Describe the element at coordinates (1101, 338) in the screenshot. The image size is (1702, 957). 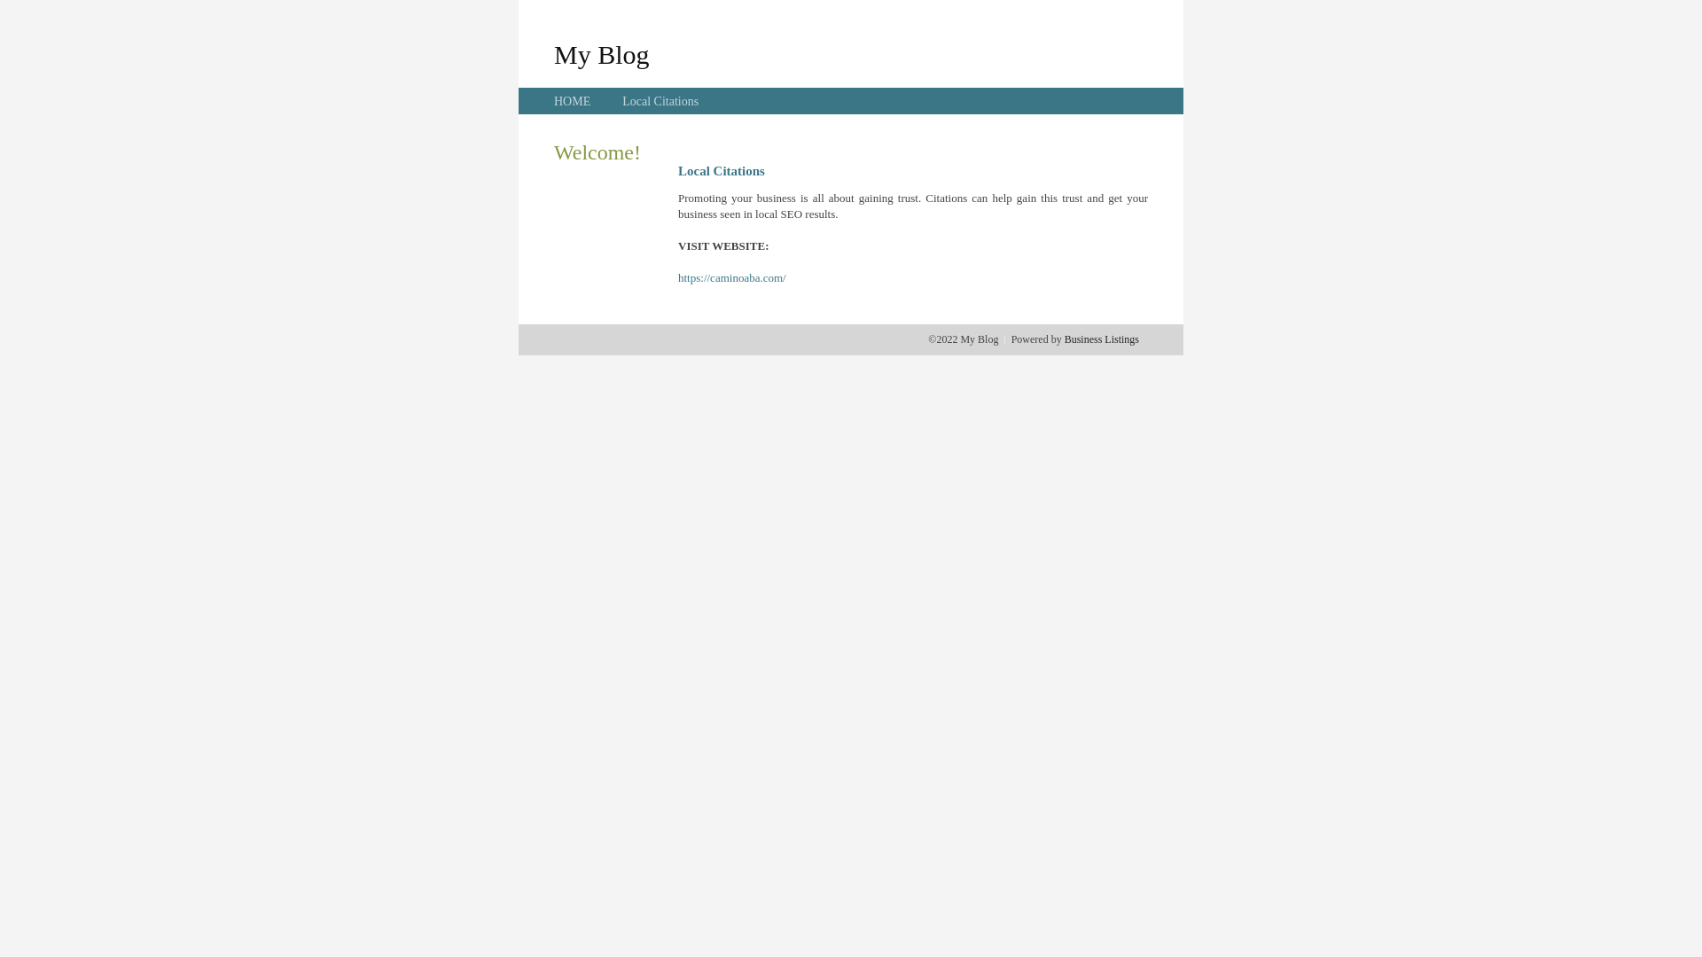
I see `'Business Listings'` at that location.